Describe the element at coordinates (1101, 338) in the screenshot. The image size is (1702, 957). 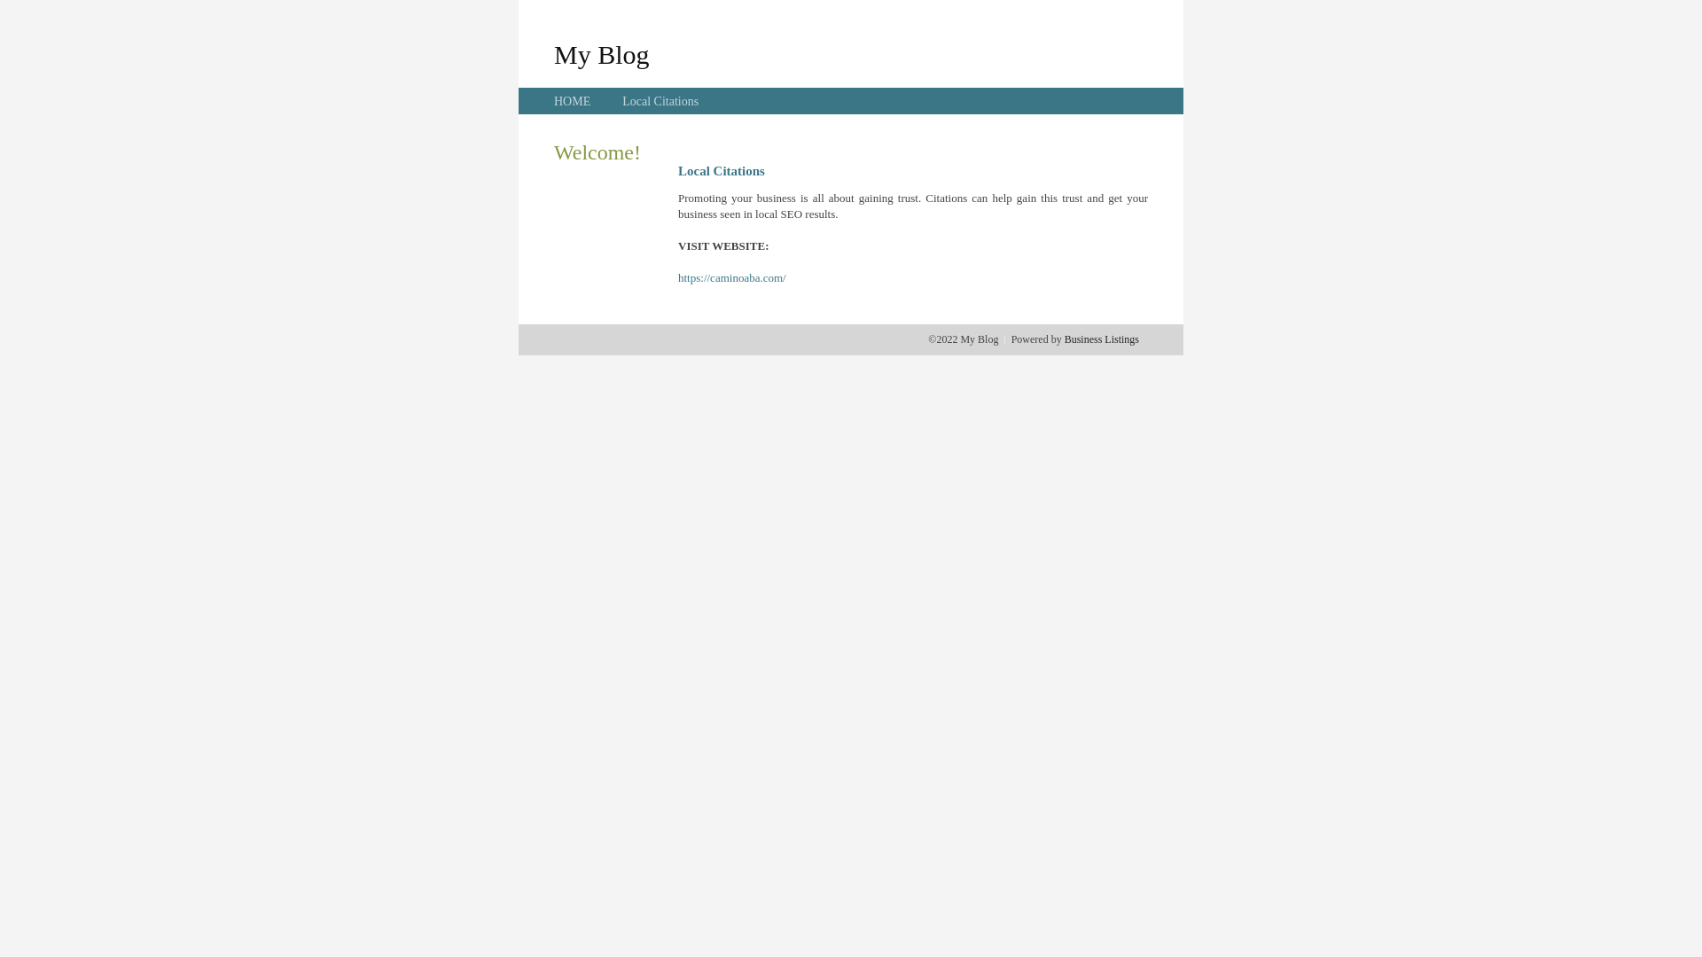
I see `'Business Listings'` at that location.